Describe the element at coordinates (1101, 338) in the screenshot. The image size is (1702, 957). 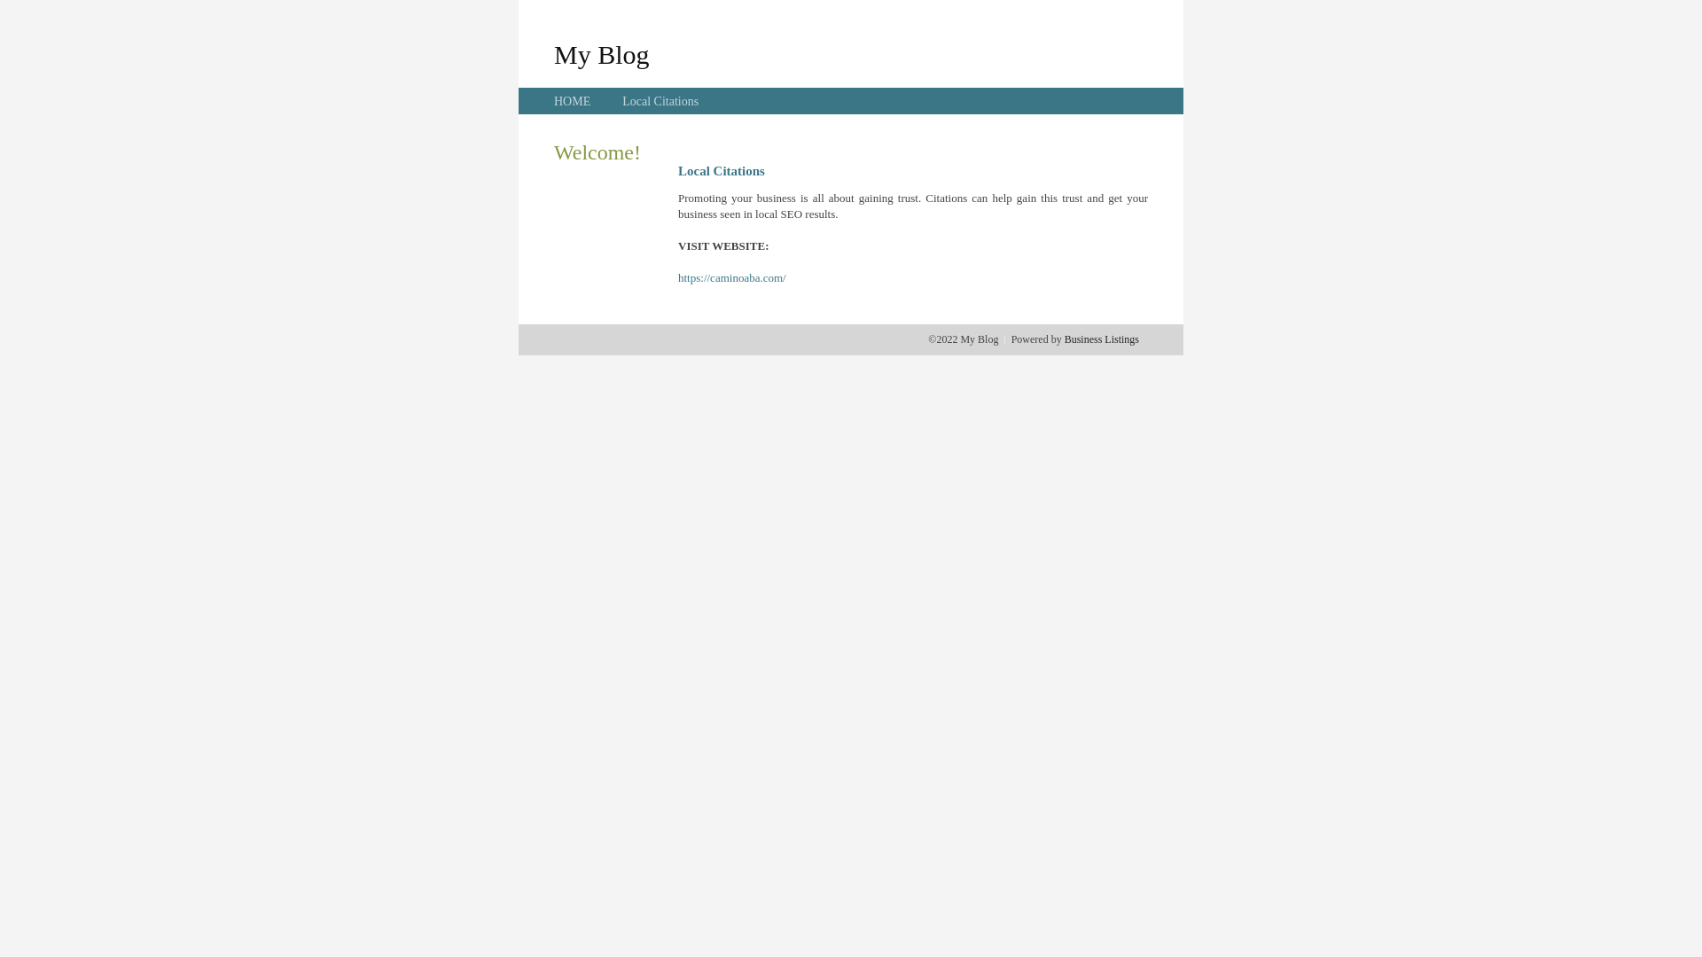
I see `'Business Listings'` at that location.